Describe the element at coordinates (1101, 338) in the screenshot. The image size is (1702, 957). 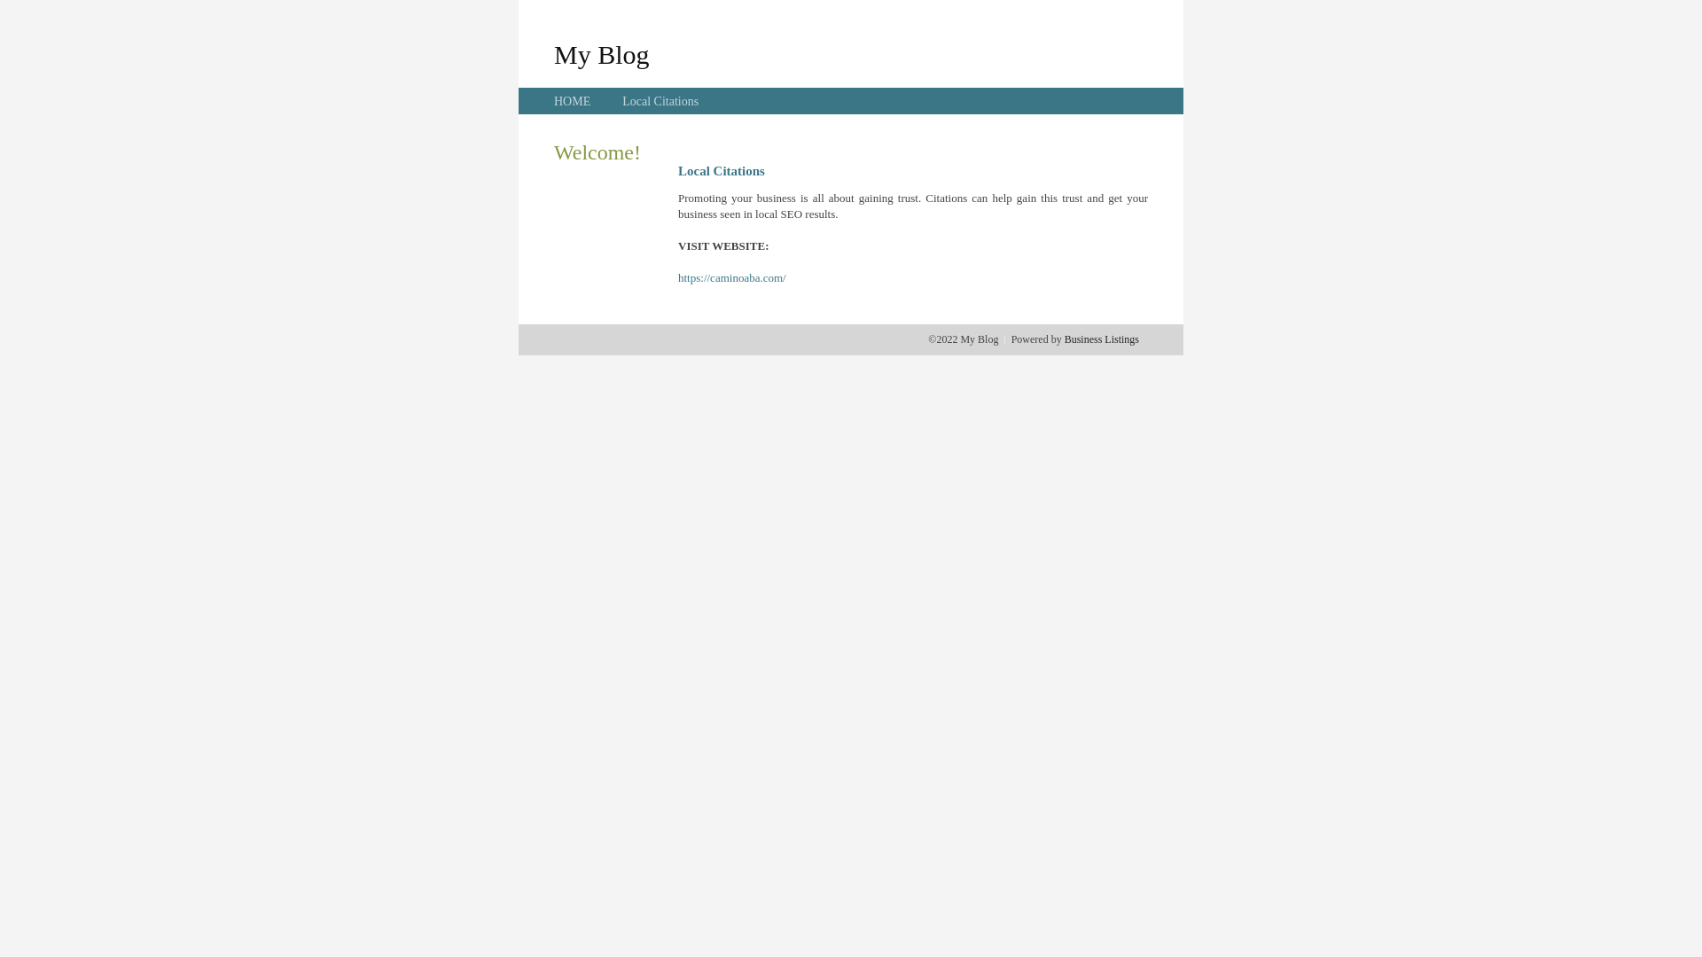
I see `'Business Listings'` at that location.